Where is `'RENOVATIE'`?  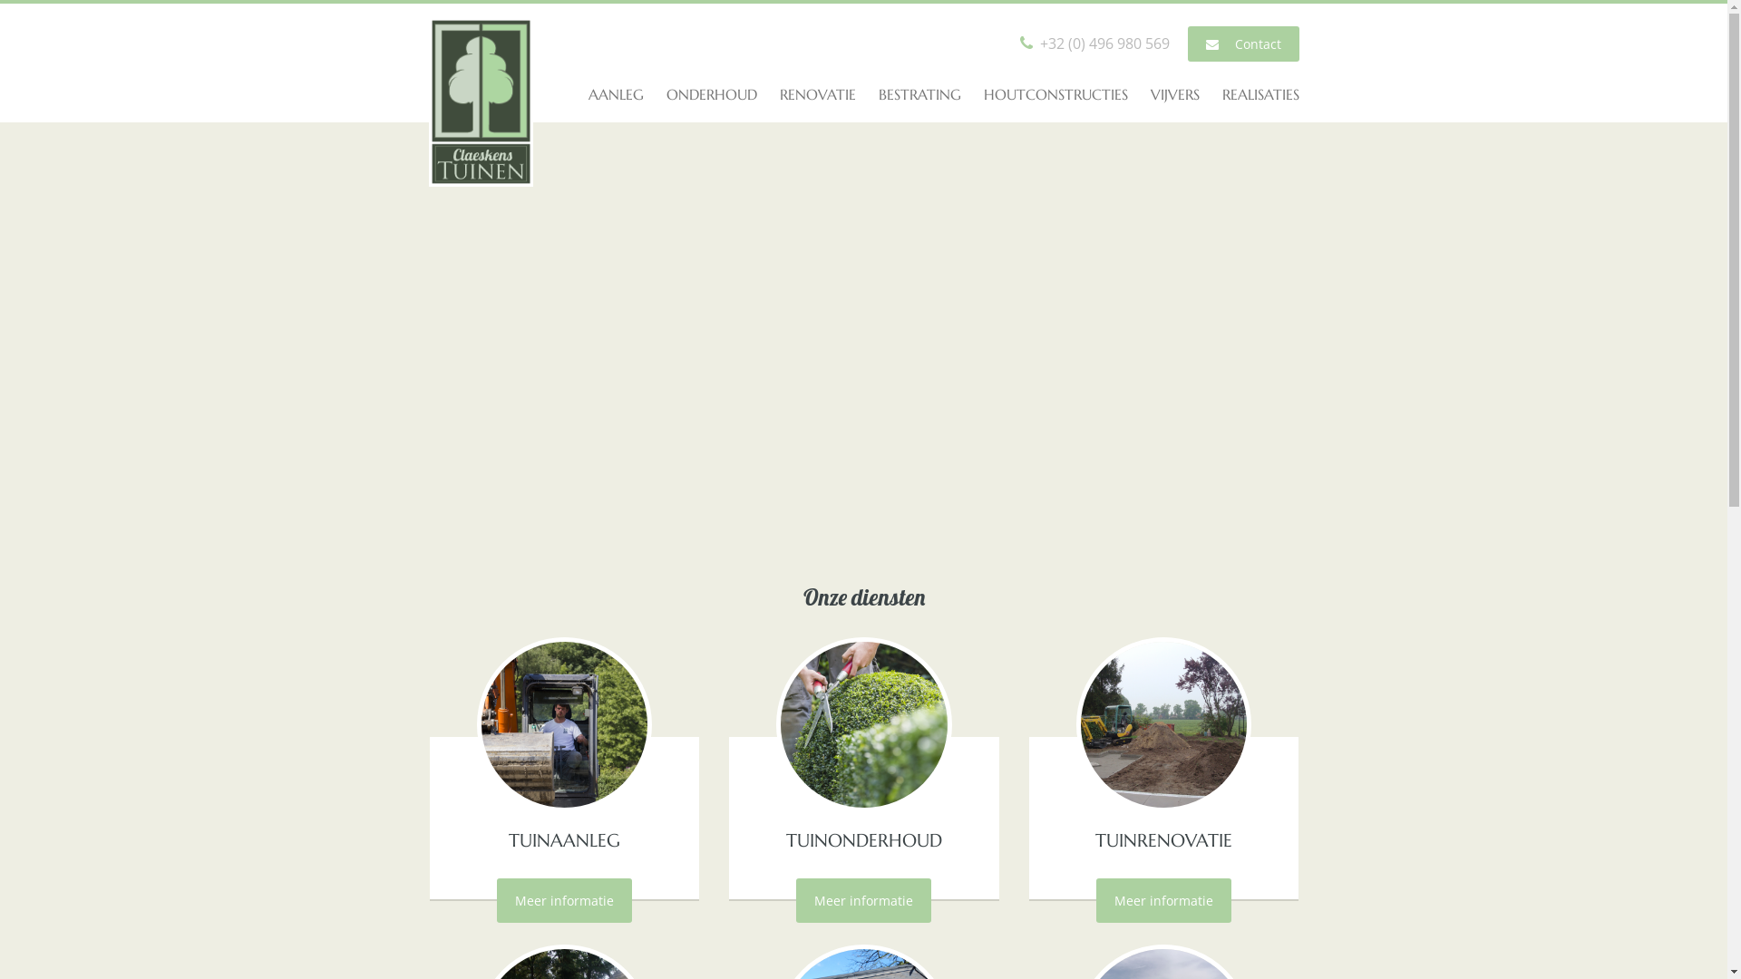 'RENOVATIE' is located at coordinates (779, 94).